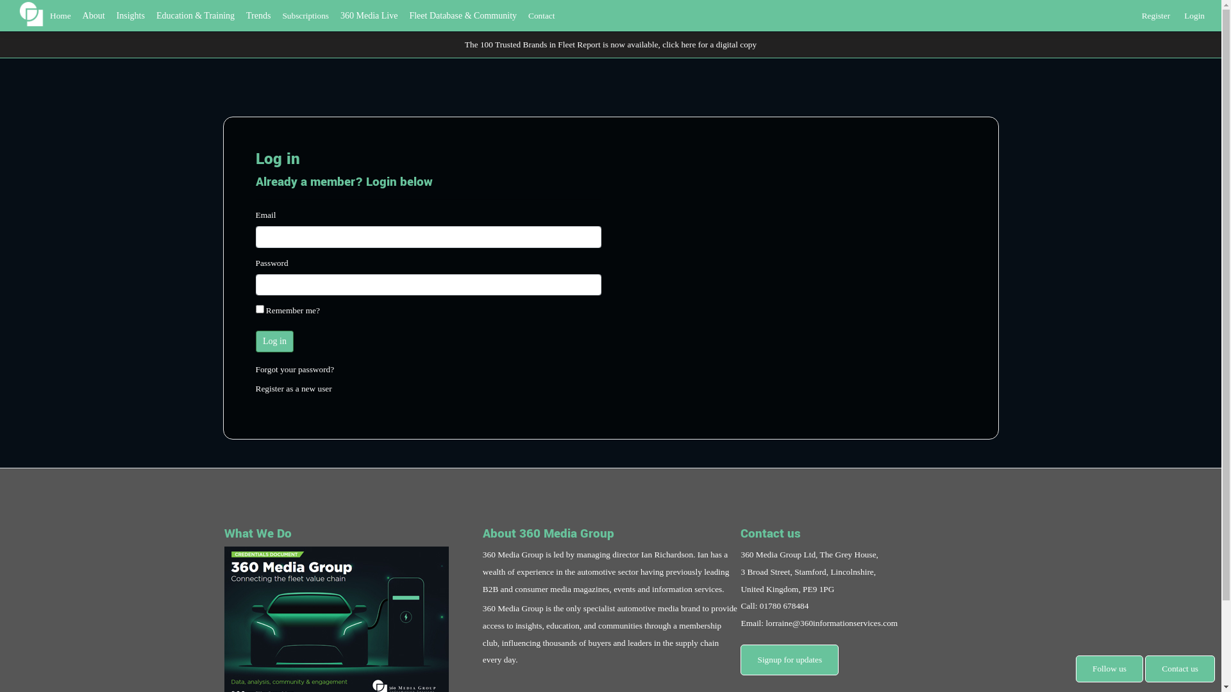  What do you see at coordinates (1109, 668) in the screenshot?
I see `'Follow us'` at bounding box center [1109, 668].